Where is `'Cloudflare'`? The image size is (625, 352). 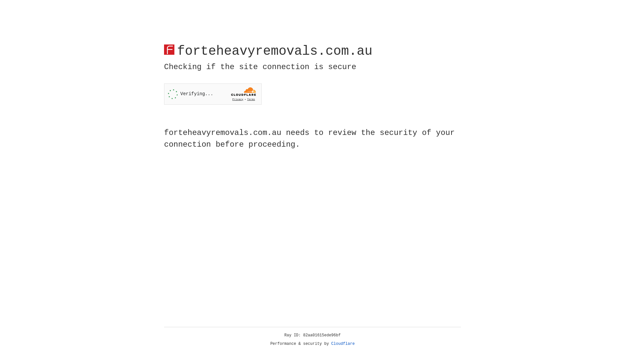
'Cloudflare' is located at coordinates (343, 344).